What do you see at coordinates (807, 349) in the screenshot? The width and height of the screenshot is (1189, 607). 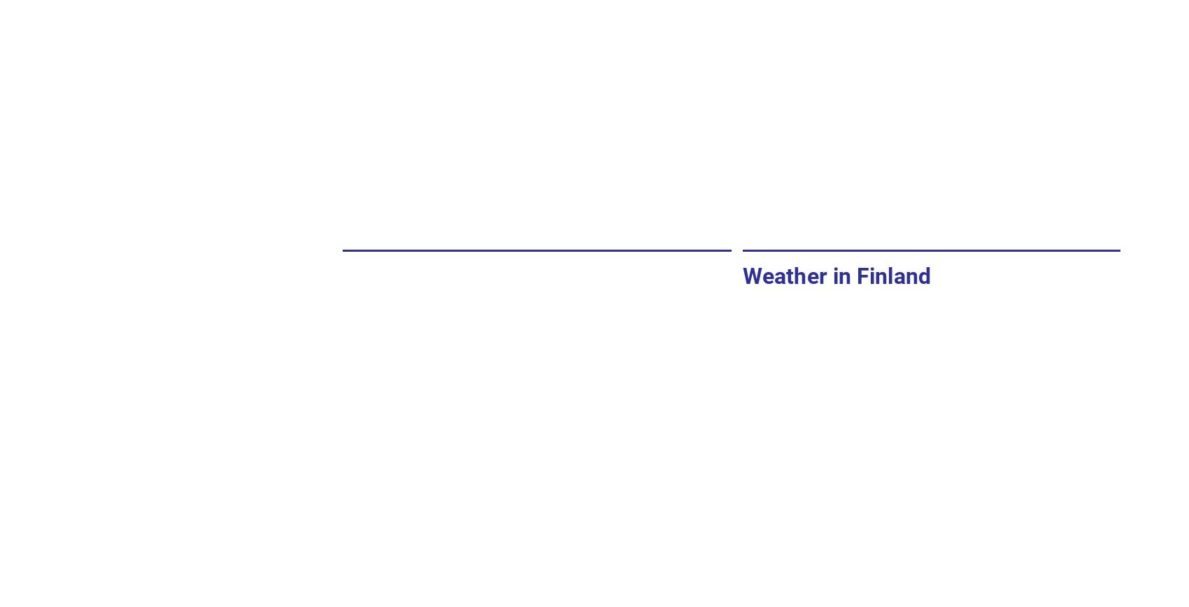 I see `'Max temperature'` at bounding box center [807, 349].